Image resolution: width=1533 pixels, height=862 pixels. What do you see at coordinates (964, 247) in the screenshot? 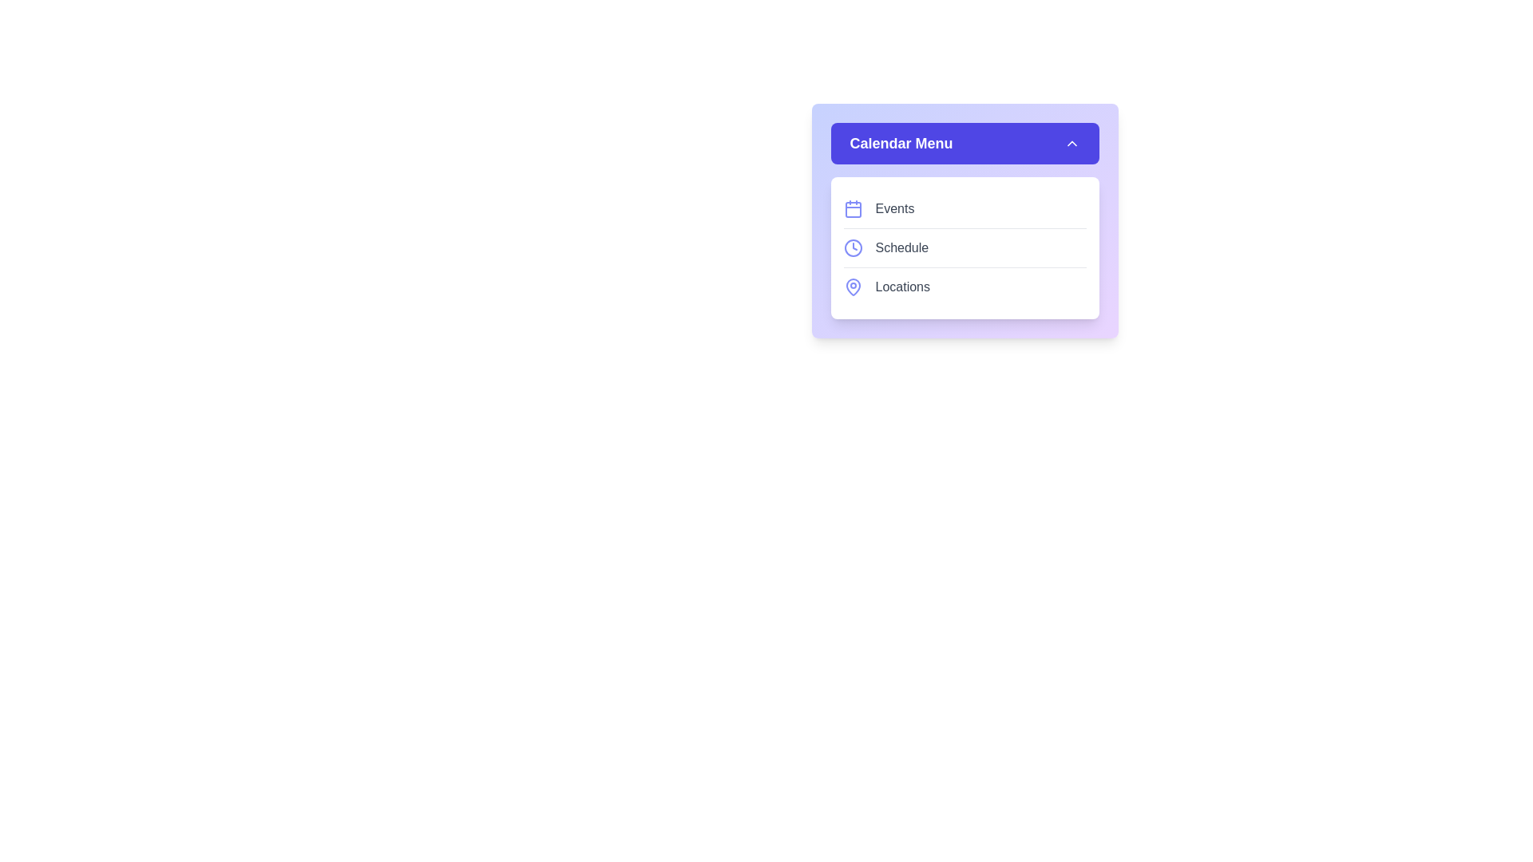
I see `the menu item Schedule to select it` at bounding box center [964, 247].